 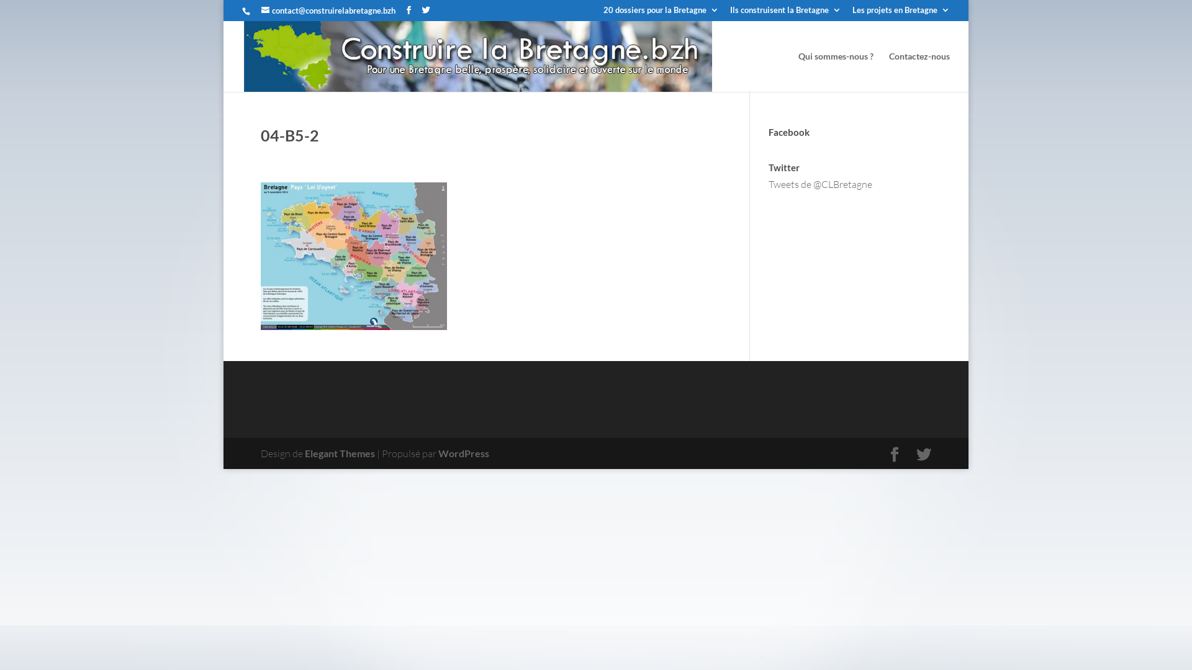 I want to click on 'Elegant Themes', so click(x=340, y=453).